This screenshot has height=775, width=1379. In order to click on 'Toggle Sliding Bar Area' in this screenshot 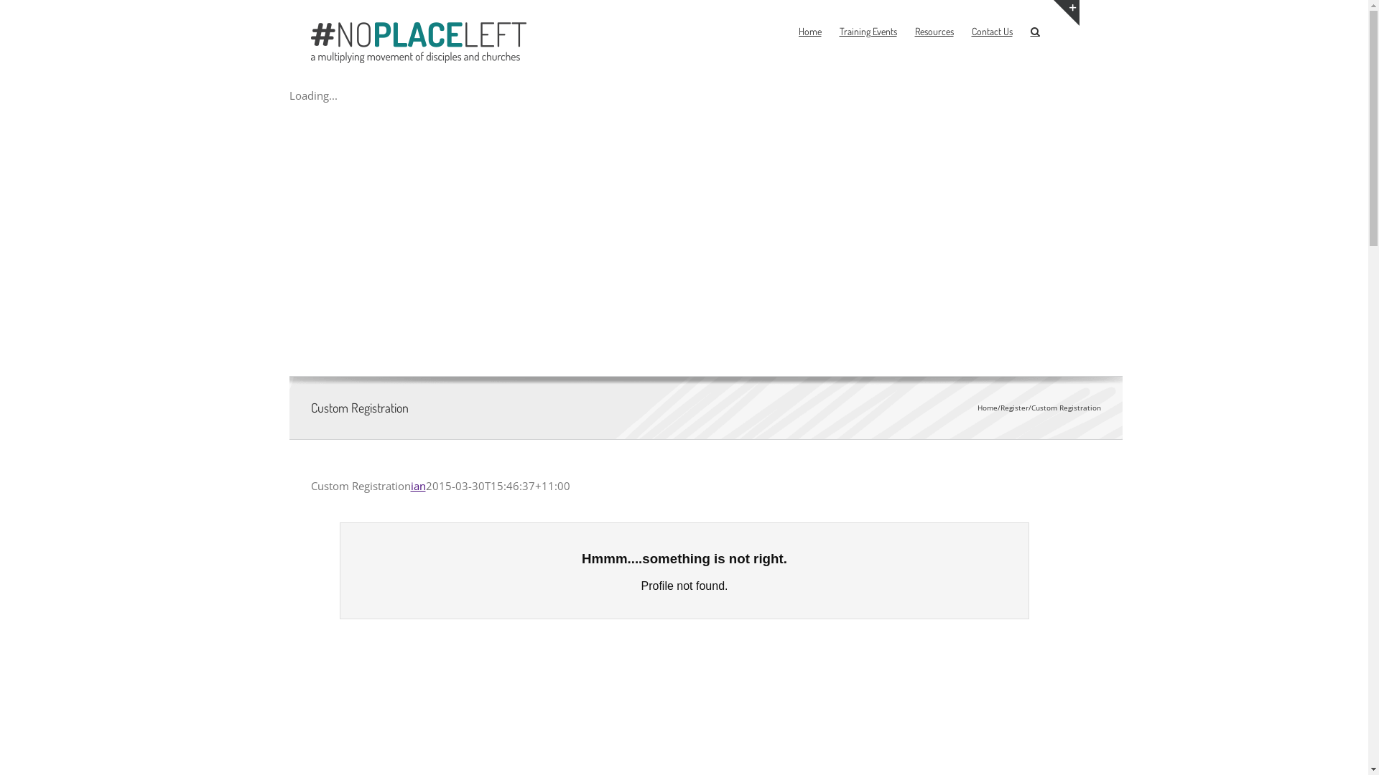, I will do `click(1065, 13)`.